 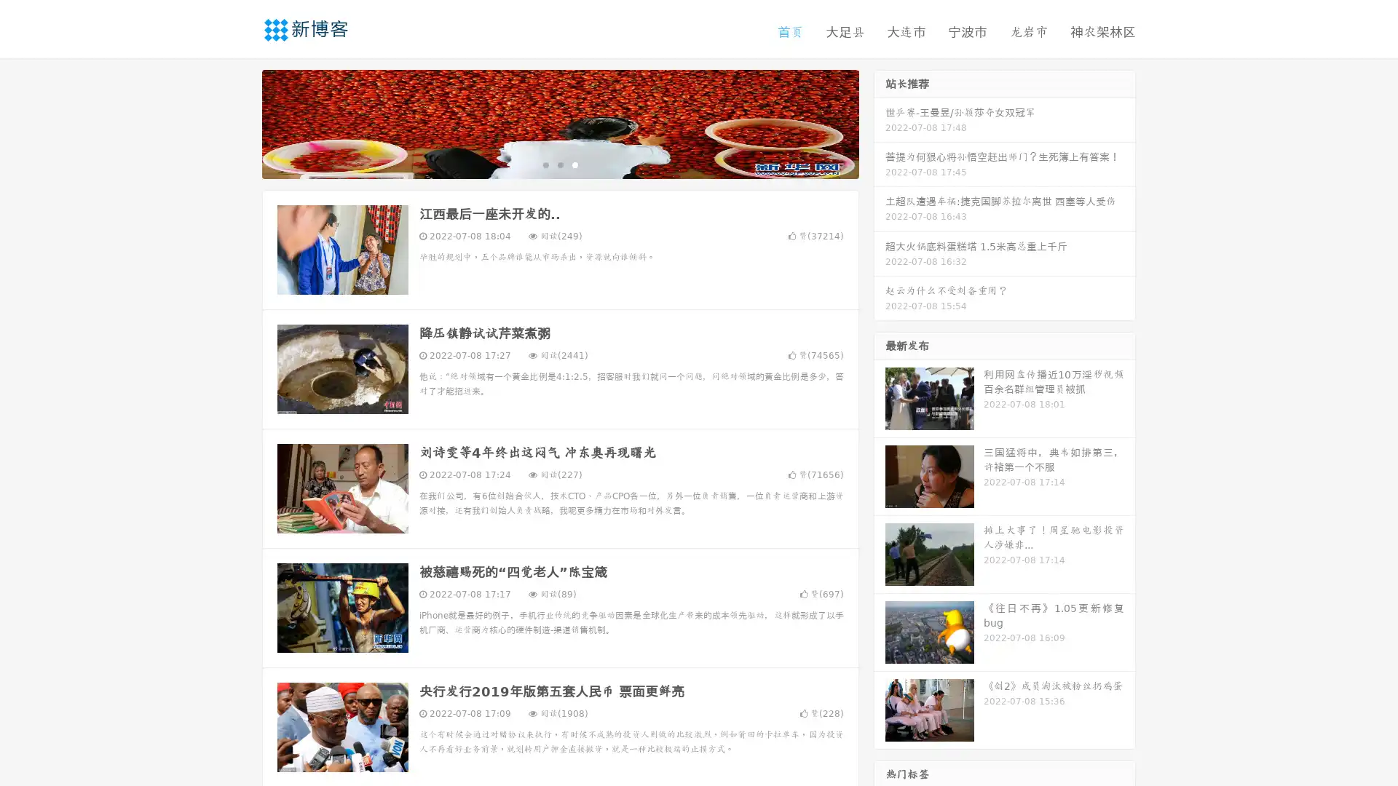 I want to click on Go to slide 2, so click(x=559, y=164).